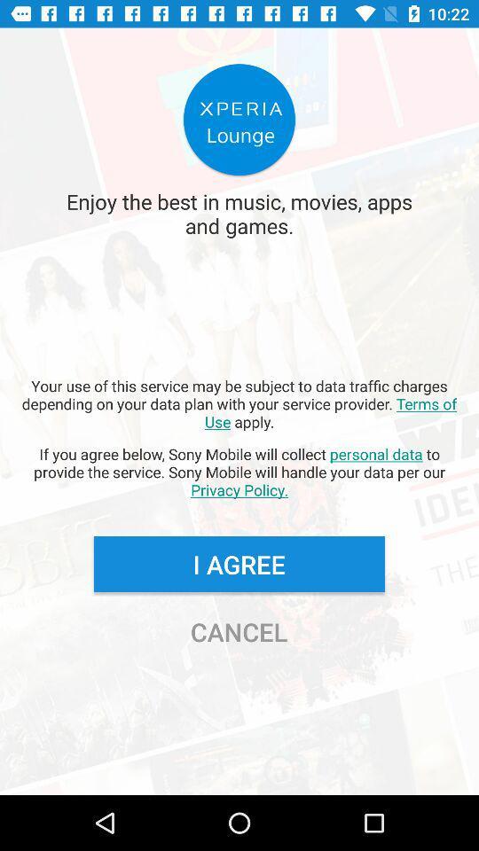 Image resolution: width=479 pixels, height=851 pixels. What do you see at coordinates (239, 563) in the screenshot?
I see `the item below the if you agree icon` at bounding box center [239, 563].